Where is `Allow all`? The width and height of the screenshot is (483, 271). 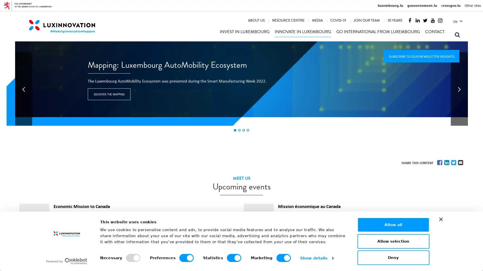 Allow all is located at coordinates (393, 224).